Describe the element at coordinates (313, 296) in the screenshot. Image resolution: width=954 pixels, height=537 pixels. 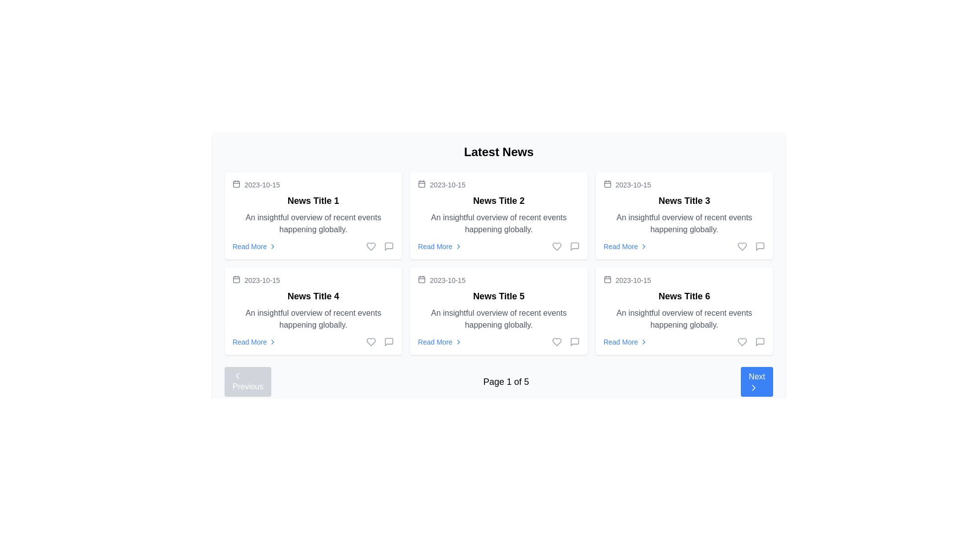
I see `the headline text element that serves as the title for the second card in the second row of the grid layout` at that location.